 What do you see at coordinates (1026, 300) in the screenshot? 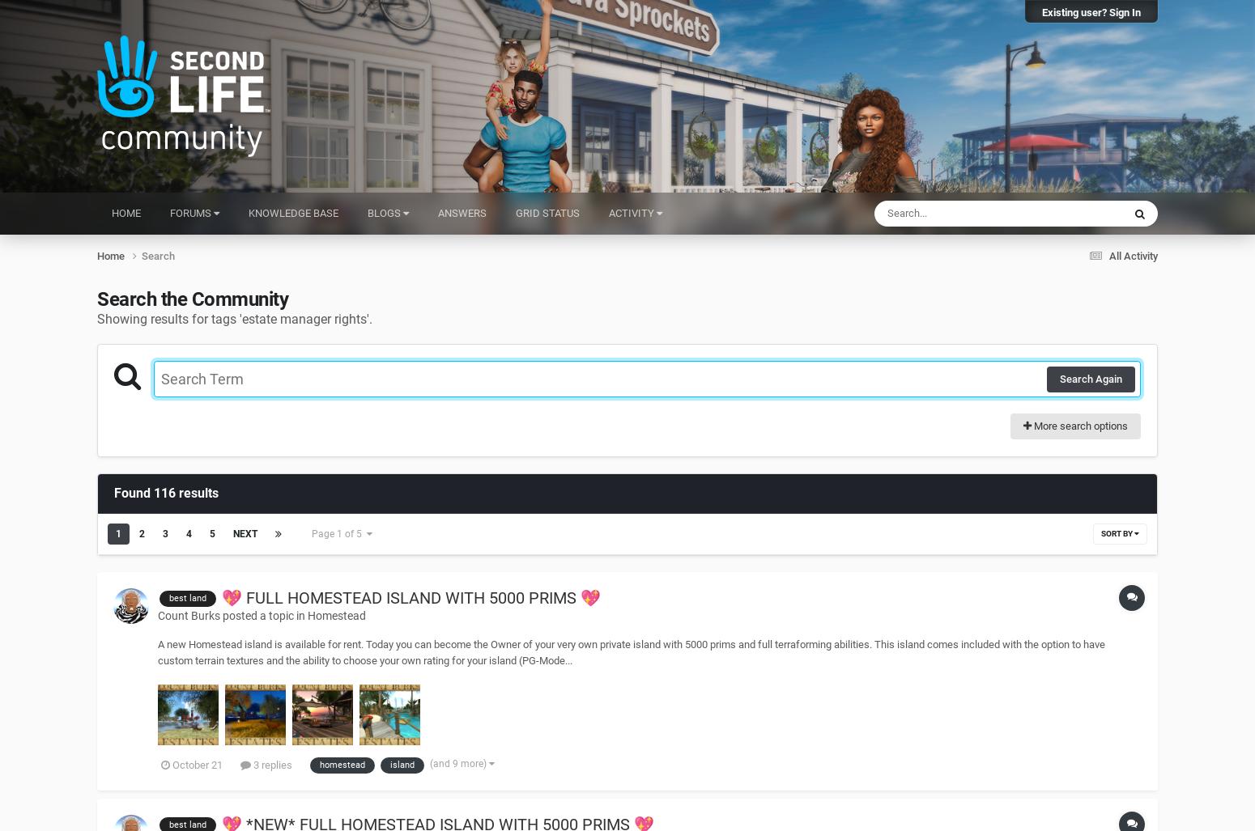
I see `'Blog Entries'` at bounding box center [1026, 300].